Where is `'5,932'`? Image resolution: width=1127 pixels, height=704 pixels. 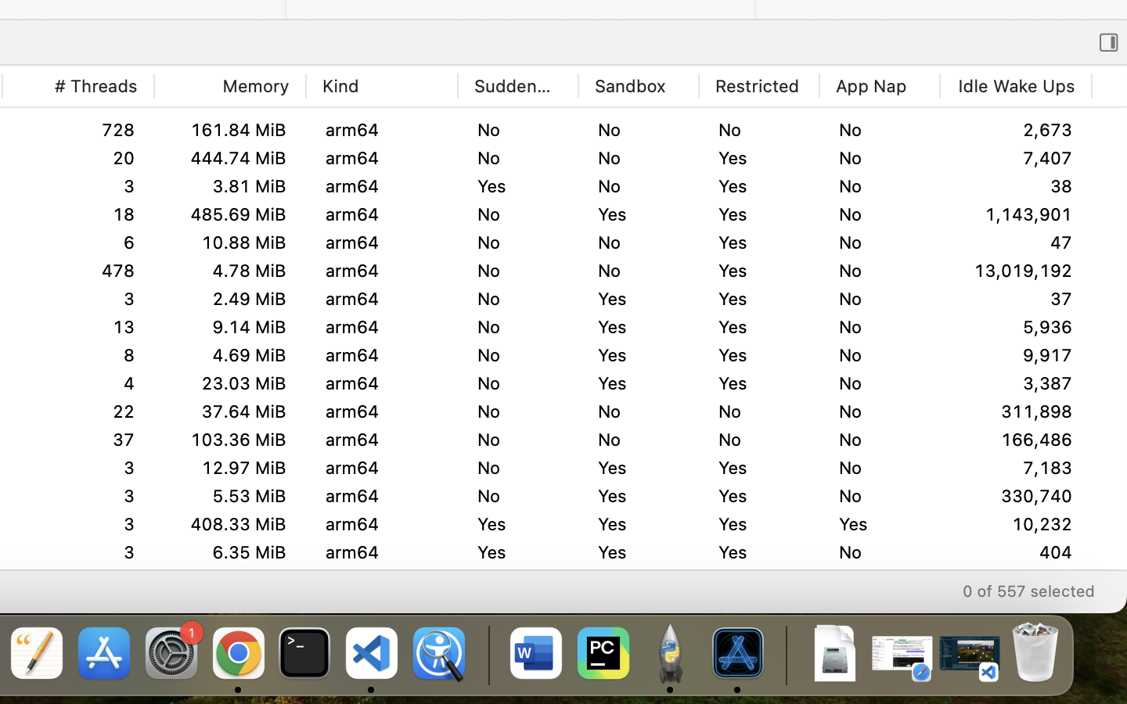 '5,932' is located at coordinates (1016, 326).